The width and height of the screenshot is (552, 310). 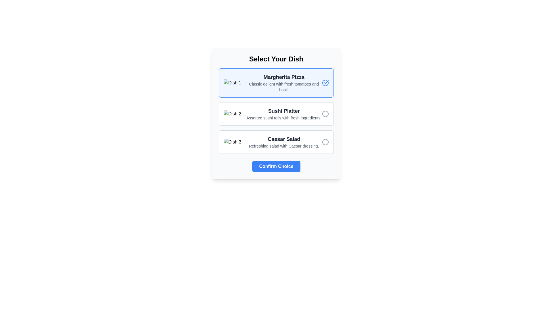 What do you see at coordinates (284, 111) in the screenshot?
I see `the text label 'Sushi Platter' which is styled in bold dark gray and is the second item in the vertical dish listing` at bounding box center [284, 111].